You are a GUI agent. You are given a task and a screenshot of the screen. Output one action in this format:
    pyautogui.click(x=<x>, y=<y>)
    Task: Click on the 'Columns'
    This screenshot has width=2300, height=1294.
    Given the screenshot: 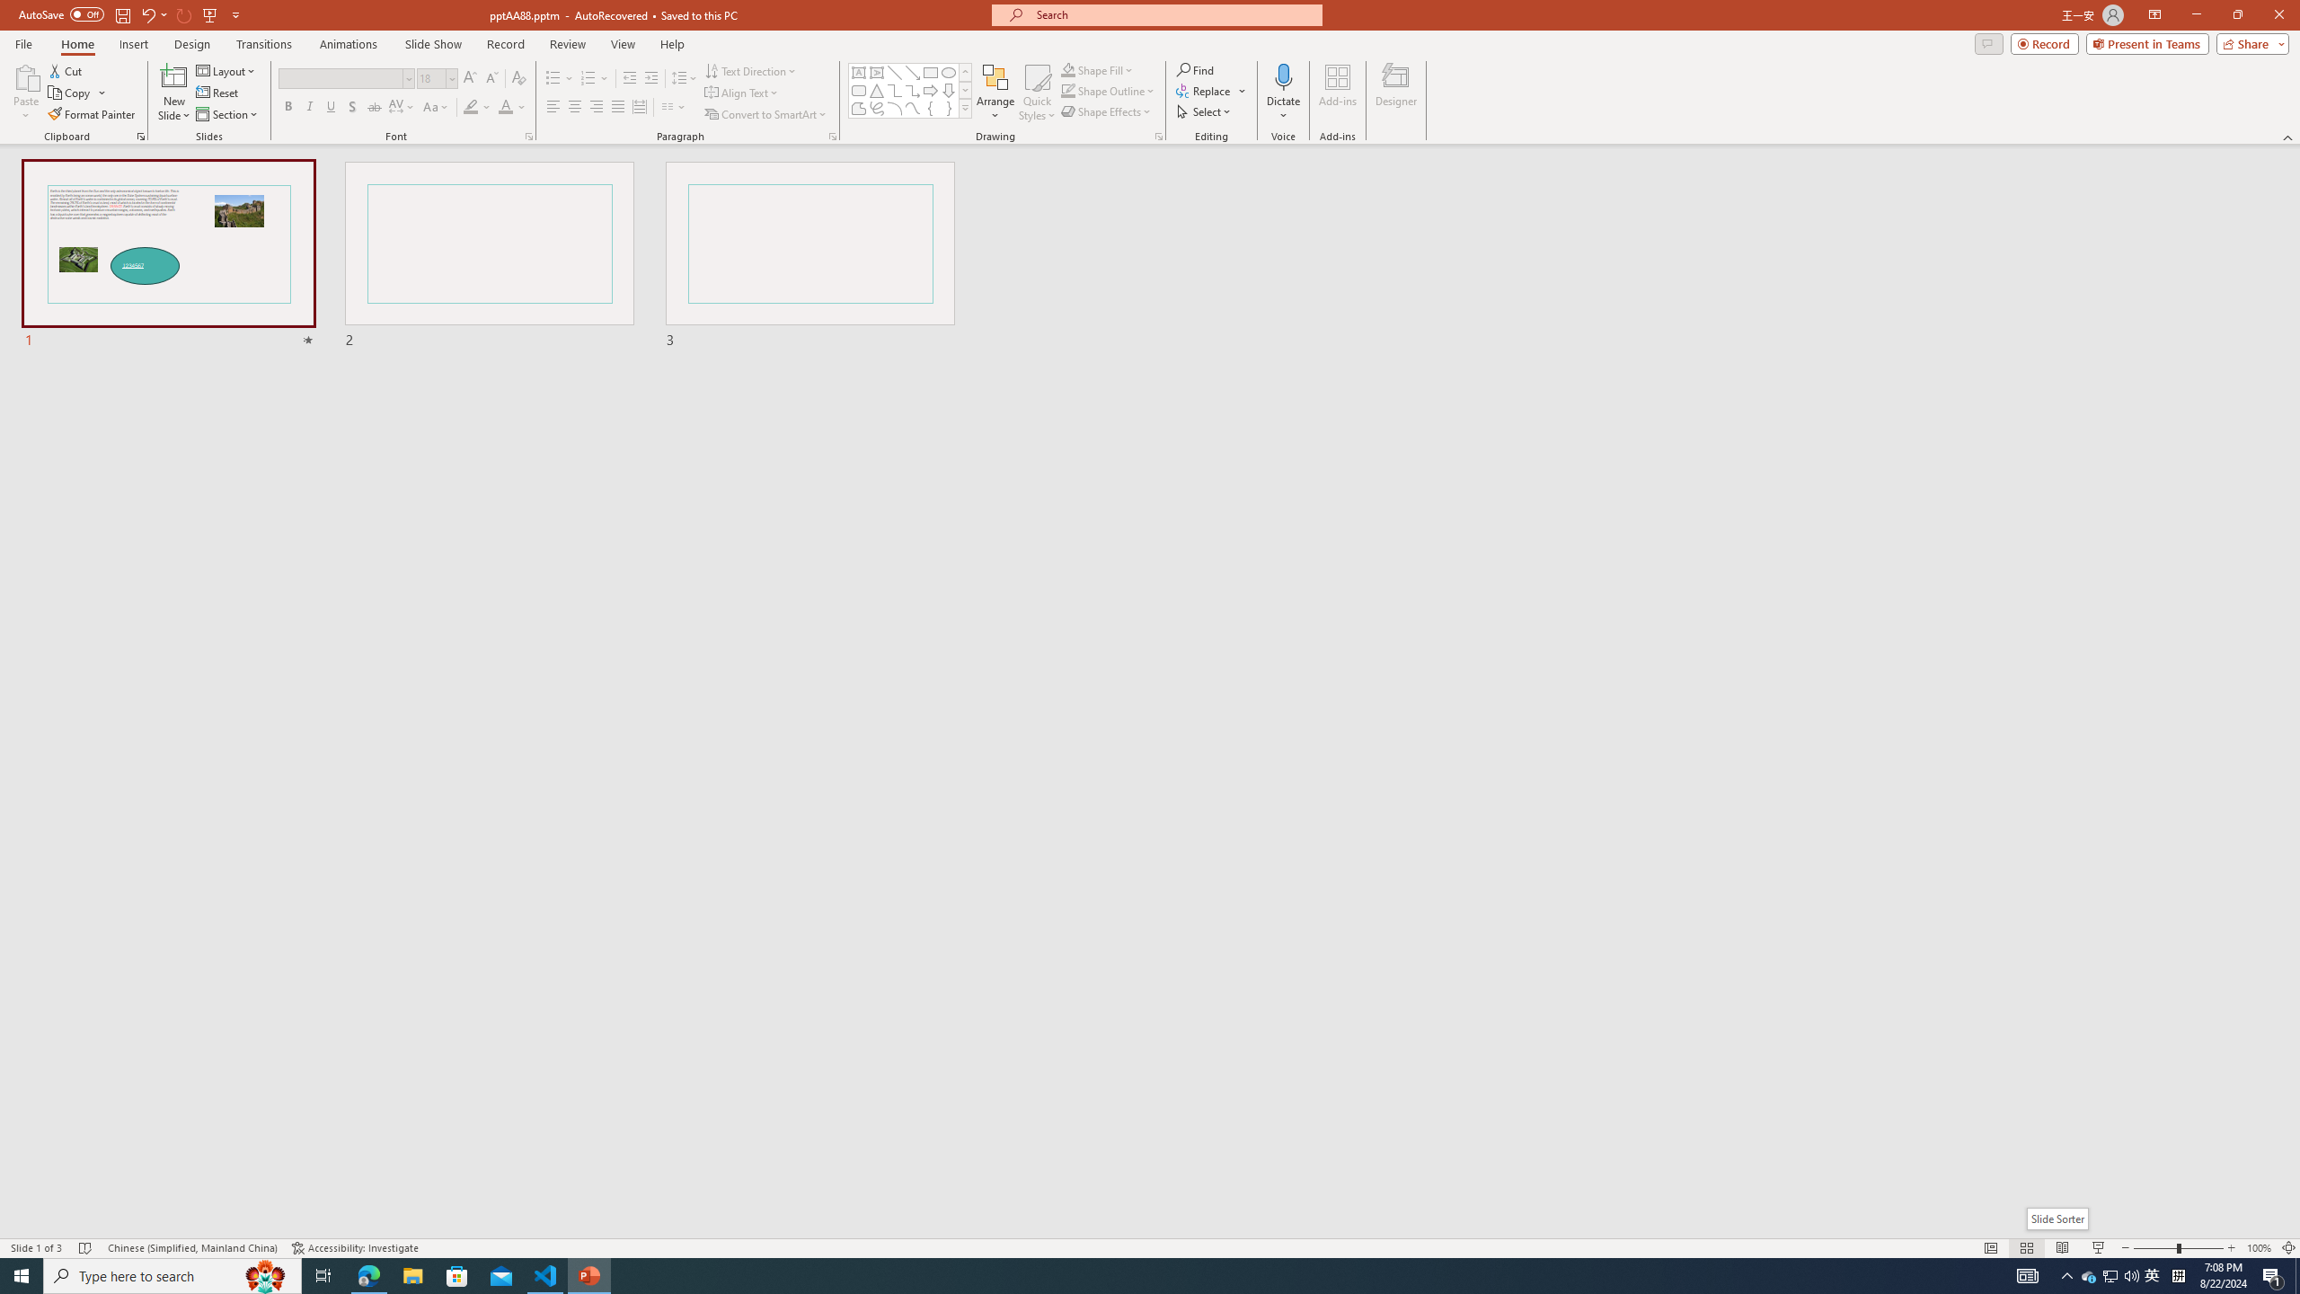 What is the action you would take?
    pyautogui.click(x=674, y=106)
    